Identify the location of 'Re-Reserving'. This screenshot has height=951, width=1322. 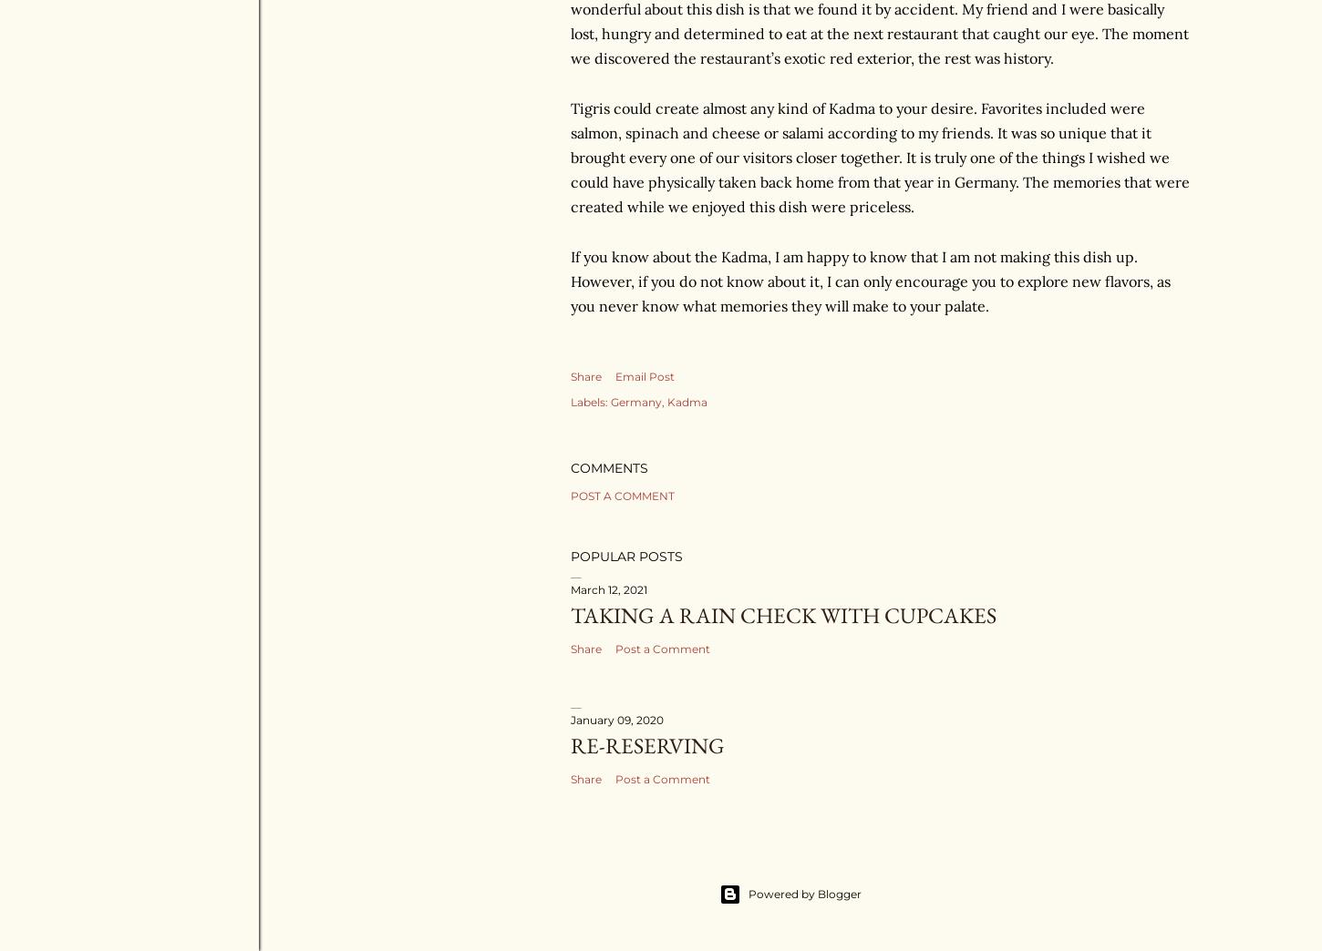
(646, 743).